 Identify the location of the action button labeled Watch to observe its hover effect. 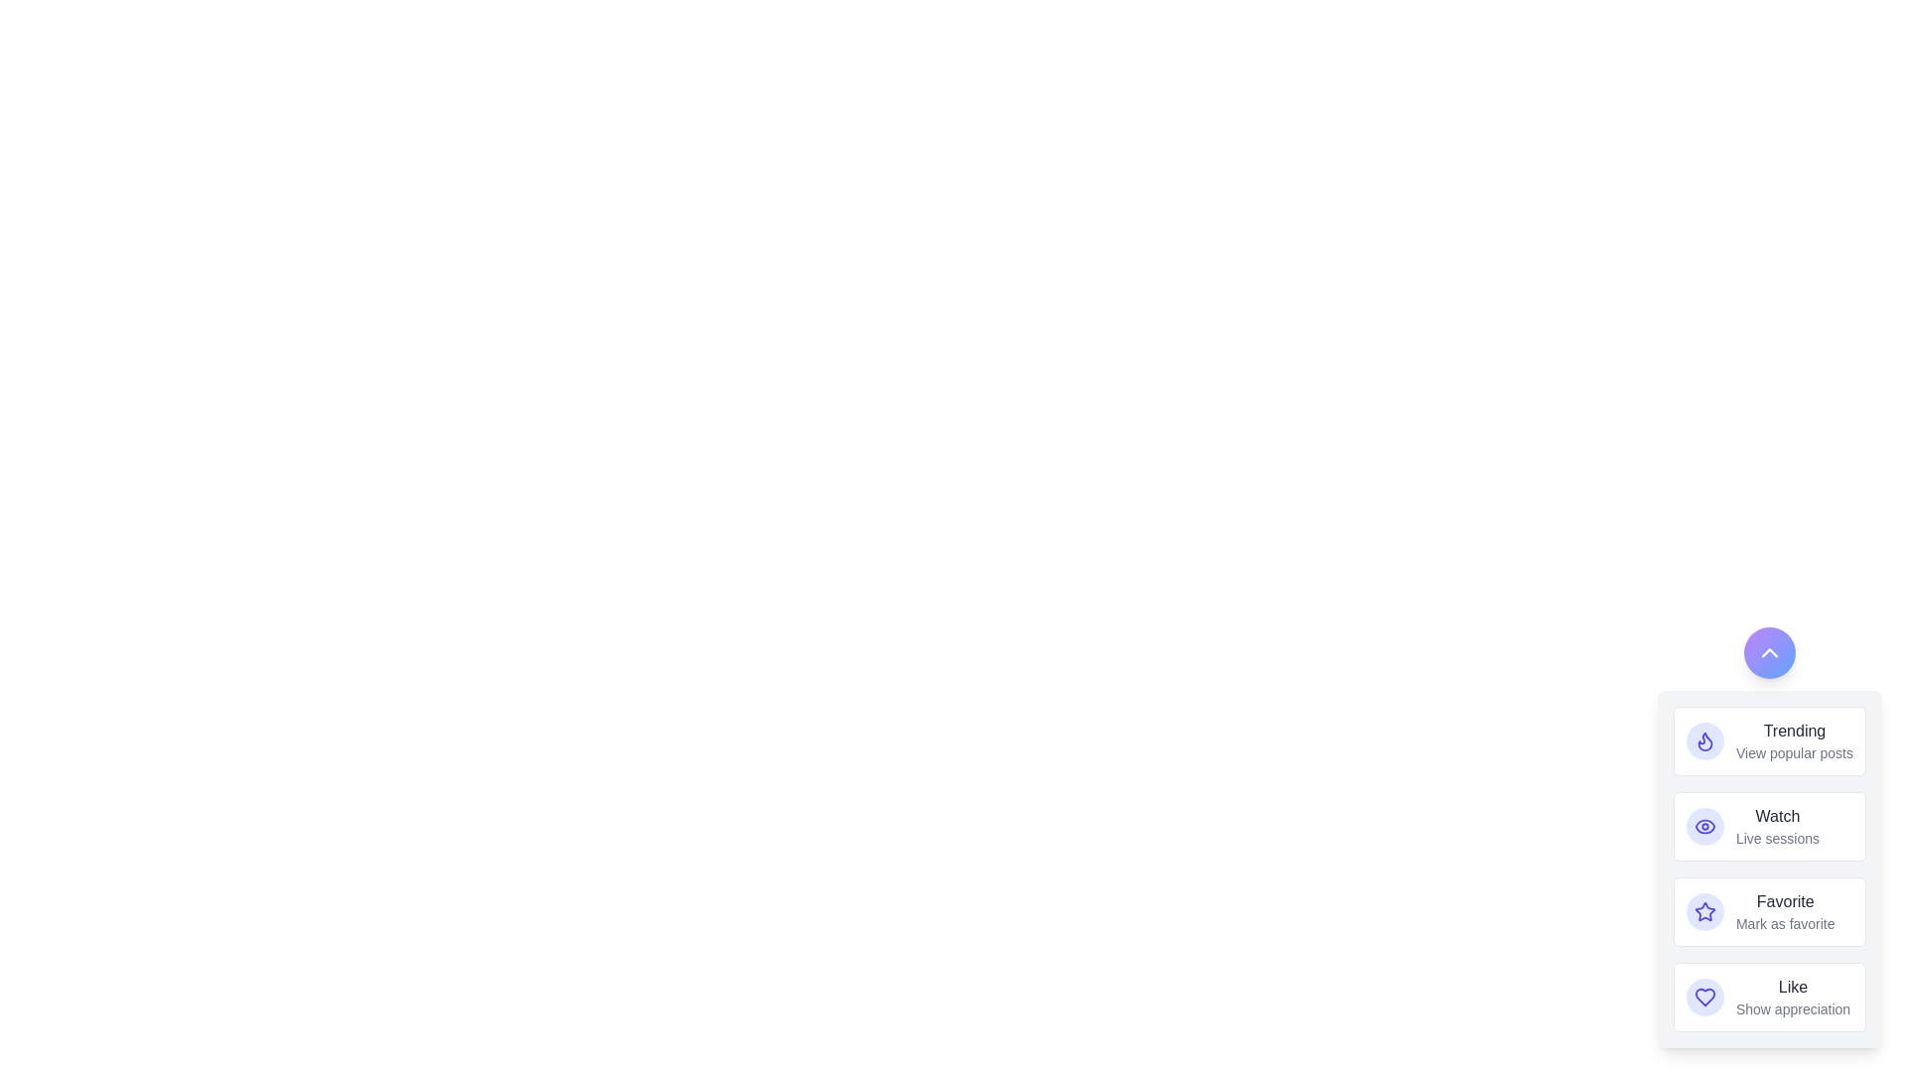
(1704, 827).